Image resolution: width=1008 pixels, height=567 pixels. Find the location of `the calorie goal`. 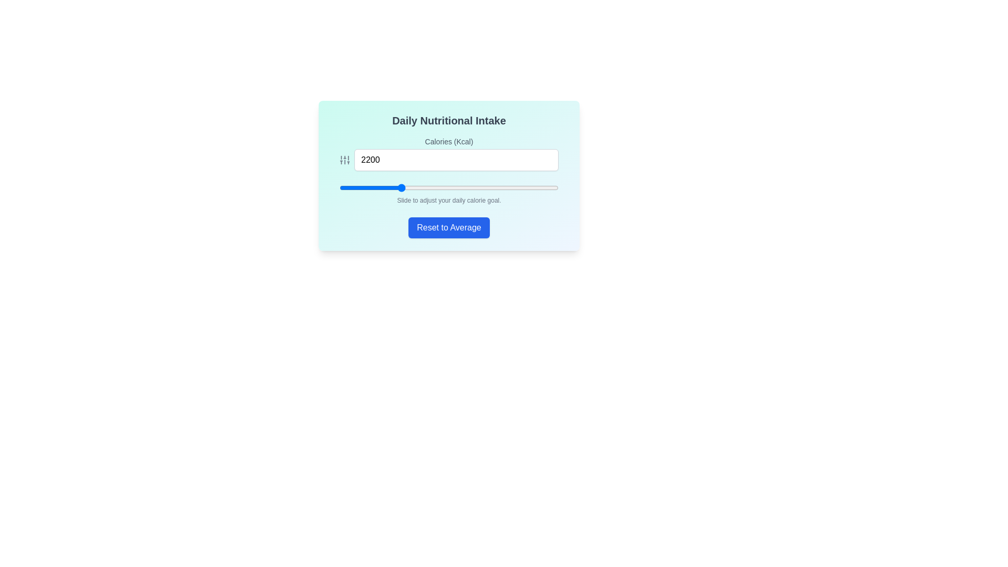

the calorie goal is located at coordinates (350, 187).